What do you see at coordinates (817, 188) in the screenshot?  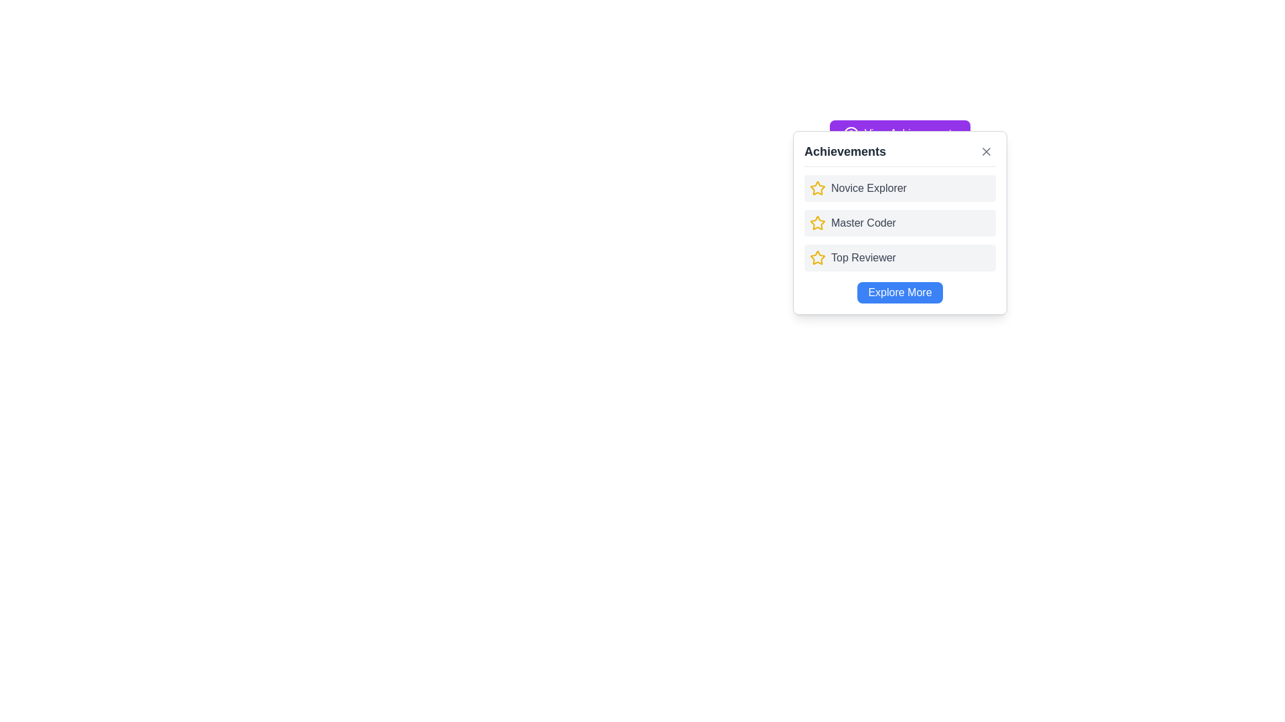 I see `the 'Novice Explorer' achievement icon, which is a star icon located to the left of the text within the top-left section of the white card layout` at bounding box center [817, 188].